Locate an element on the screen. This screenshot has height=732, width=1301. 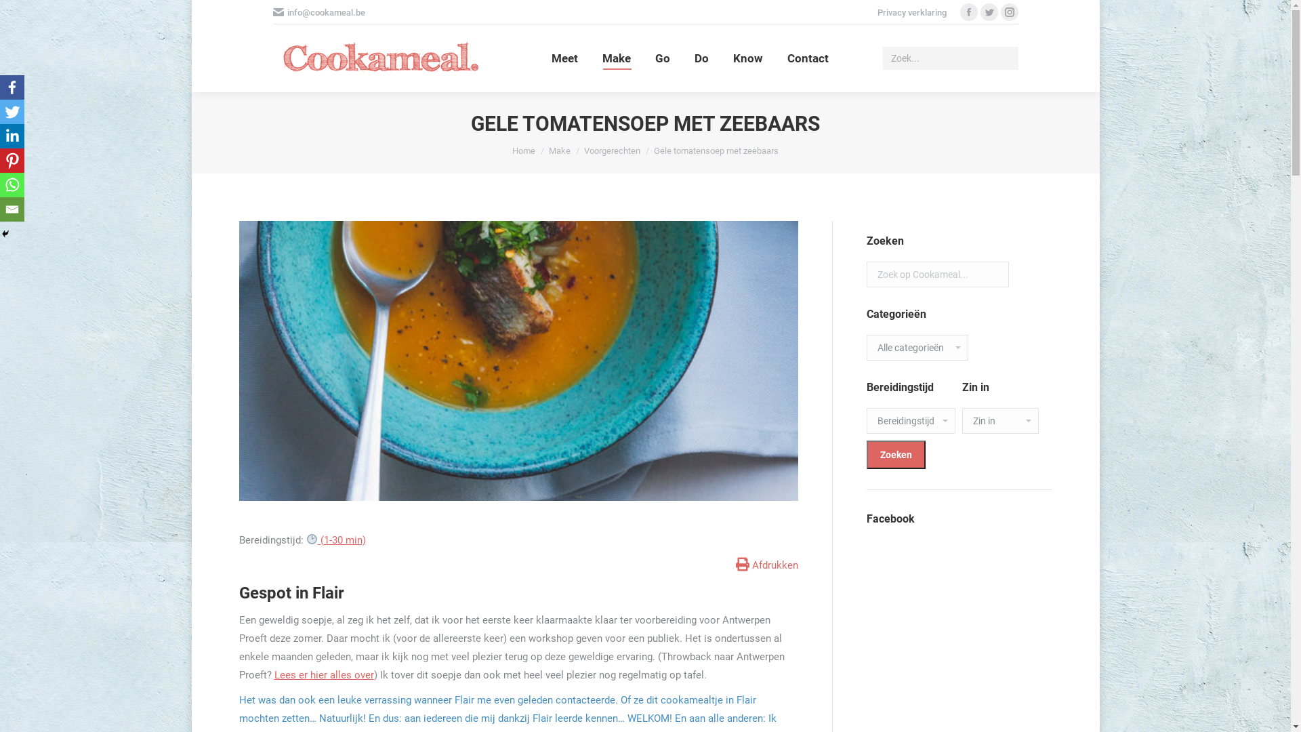
'Facebook page opens in new window' is located at coordinates (968, 12).